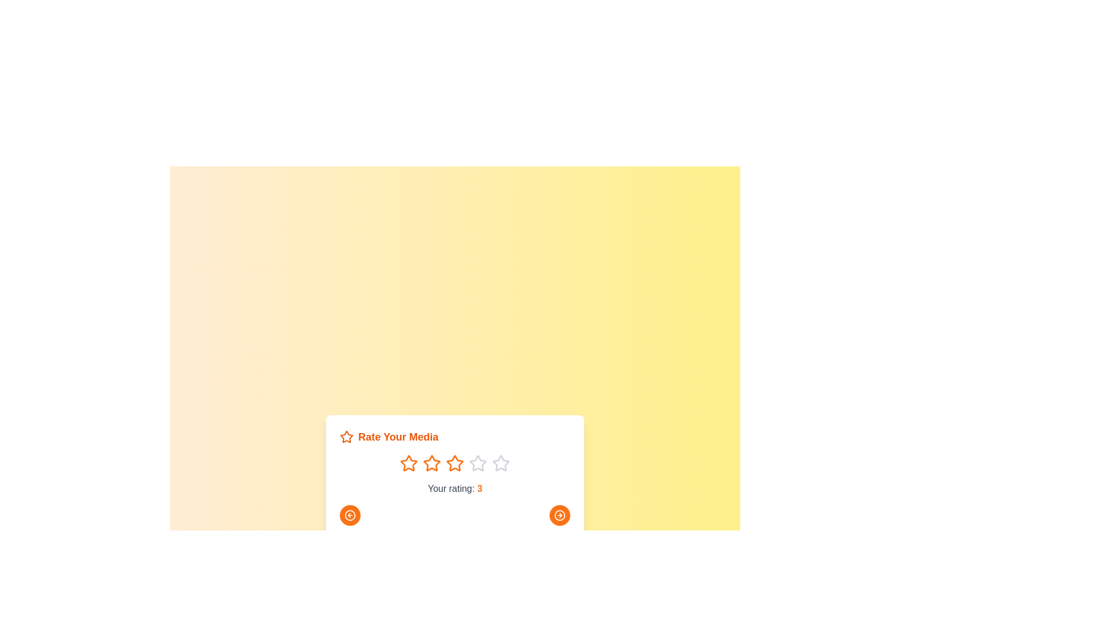  Describe the element at coordinates (454, 463) in the screenshot. I see `the rating to 3 by clicking on the corresponding star` at that location.